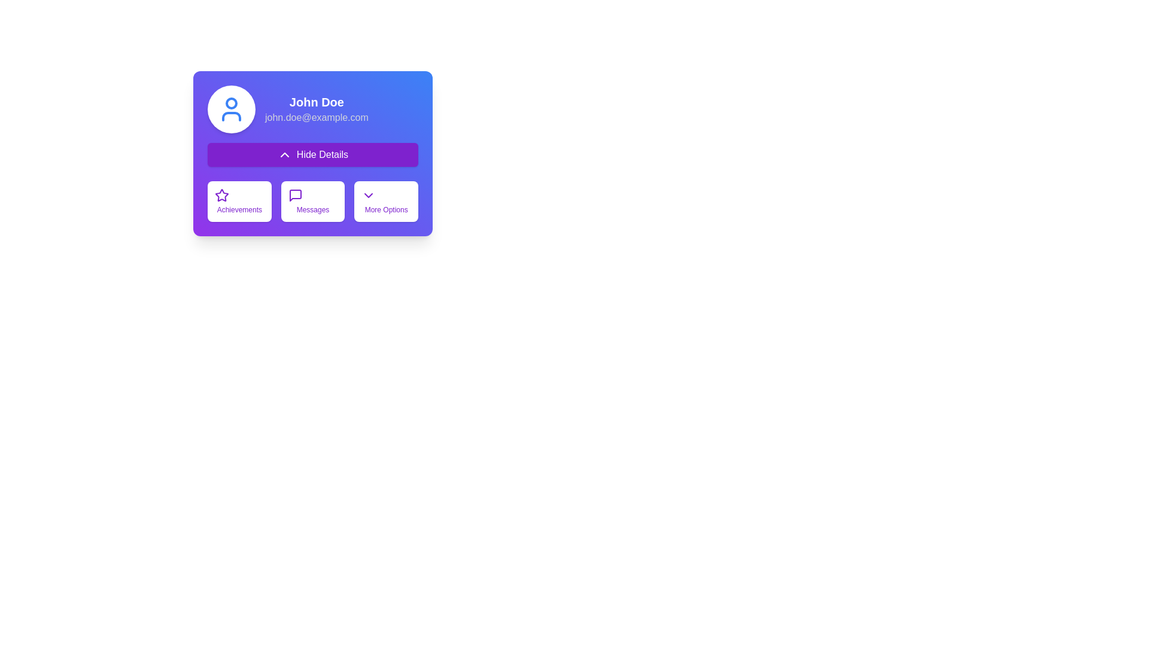 Image resolution: width=1149 pixels, height=646 pixels. What do you see at coordinates (221, 194) in the screenshot?
I see `the star icon representing the 'Achievements' feature, located in the leftmost button area below the 'Hide Details' bar in the card interface` at bounding box center [221, 194].